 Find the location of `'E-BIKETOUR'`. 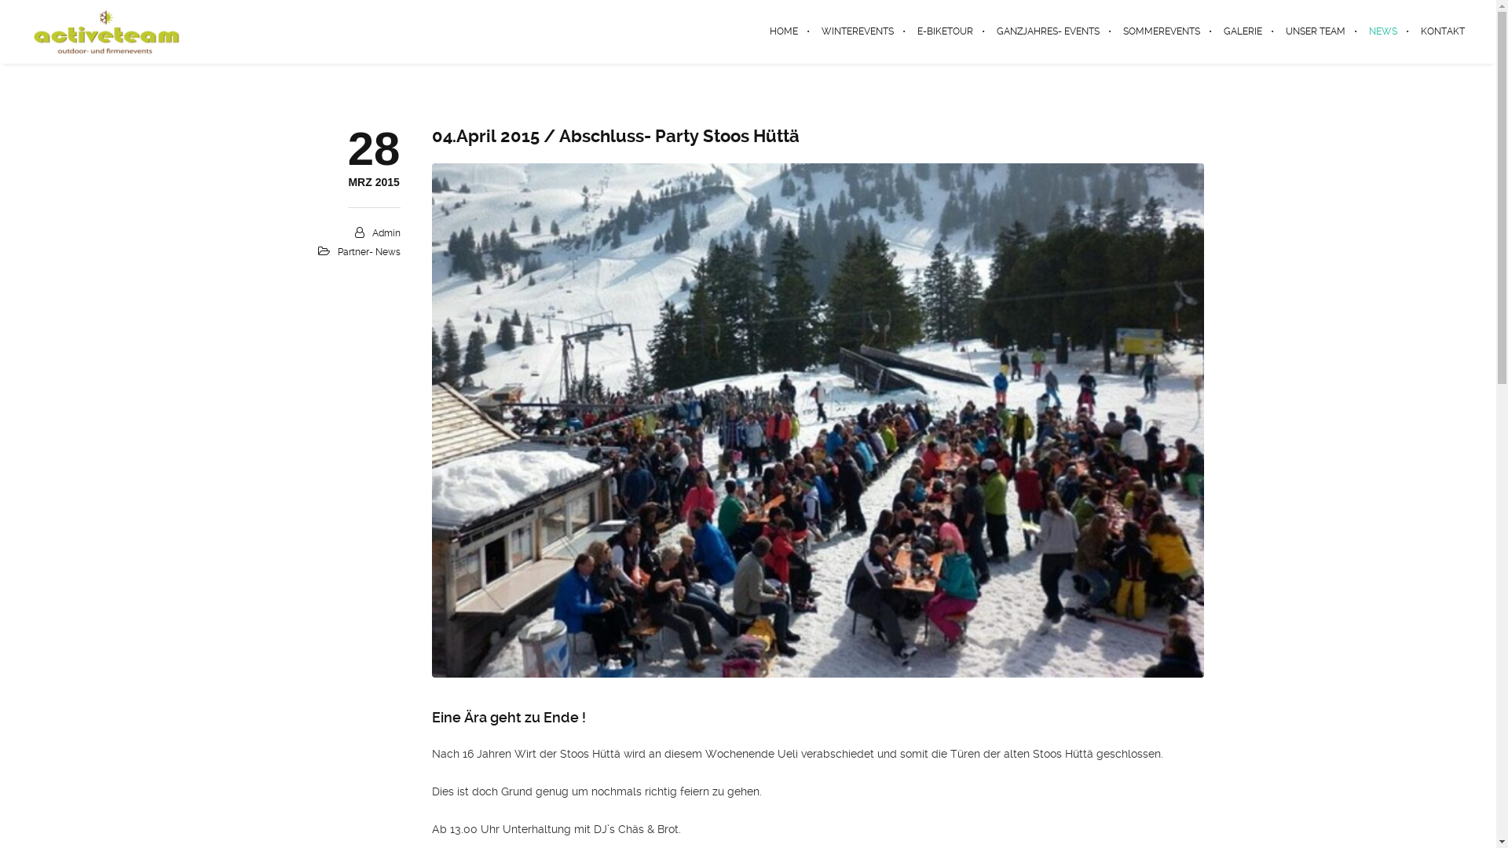

'E-BIKETOUR' is located at coordinates (944, 31).